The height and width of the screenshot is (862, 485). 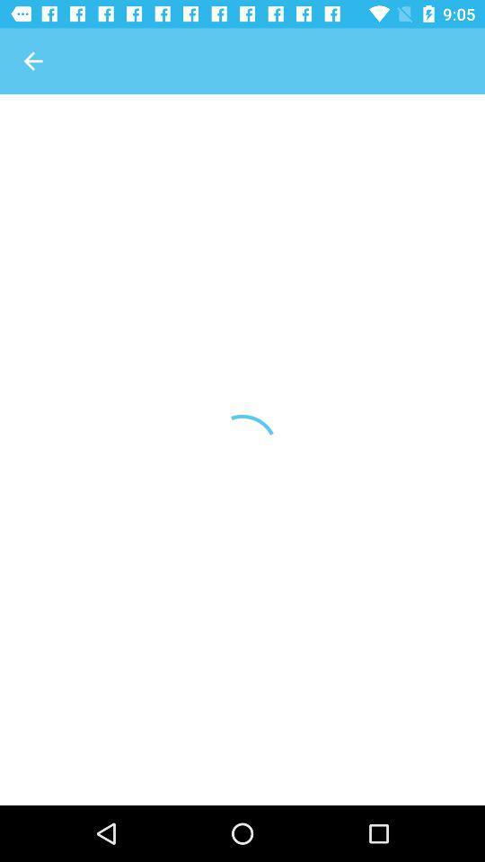 I want to click on the icon at the top left corner, so click(x=32, y=61).